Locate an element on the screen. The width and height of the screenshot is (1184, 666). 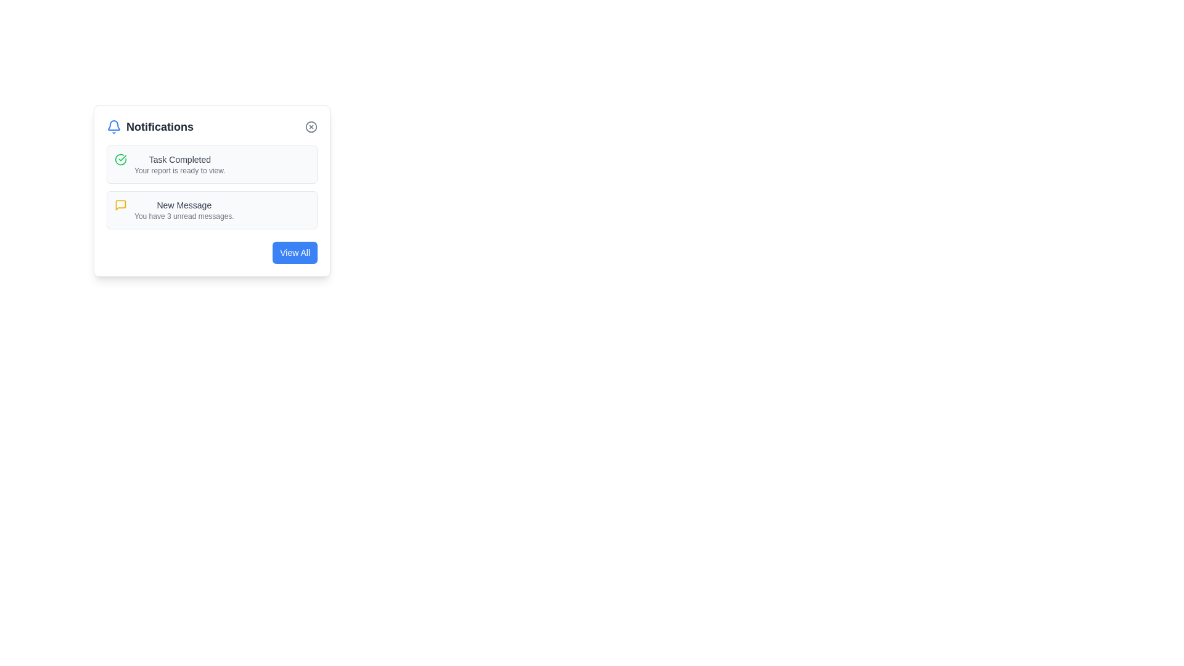
message content from the text block that displays 'New Message' and 'You have 3 unread messages.' located in the second notification card under 'Task Completed' is located at coordinates (183, 209).